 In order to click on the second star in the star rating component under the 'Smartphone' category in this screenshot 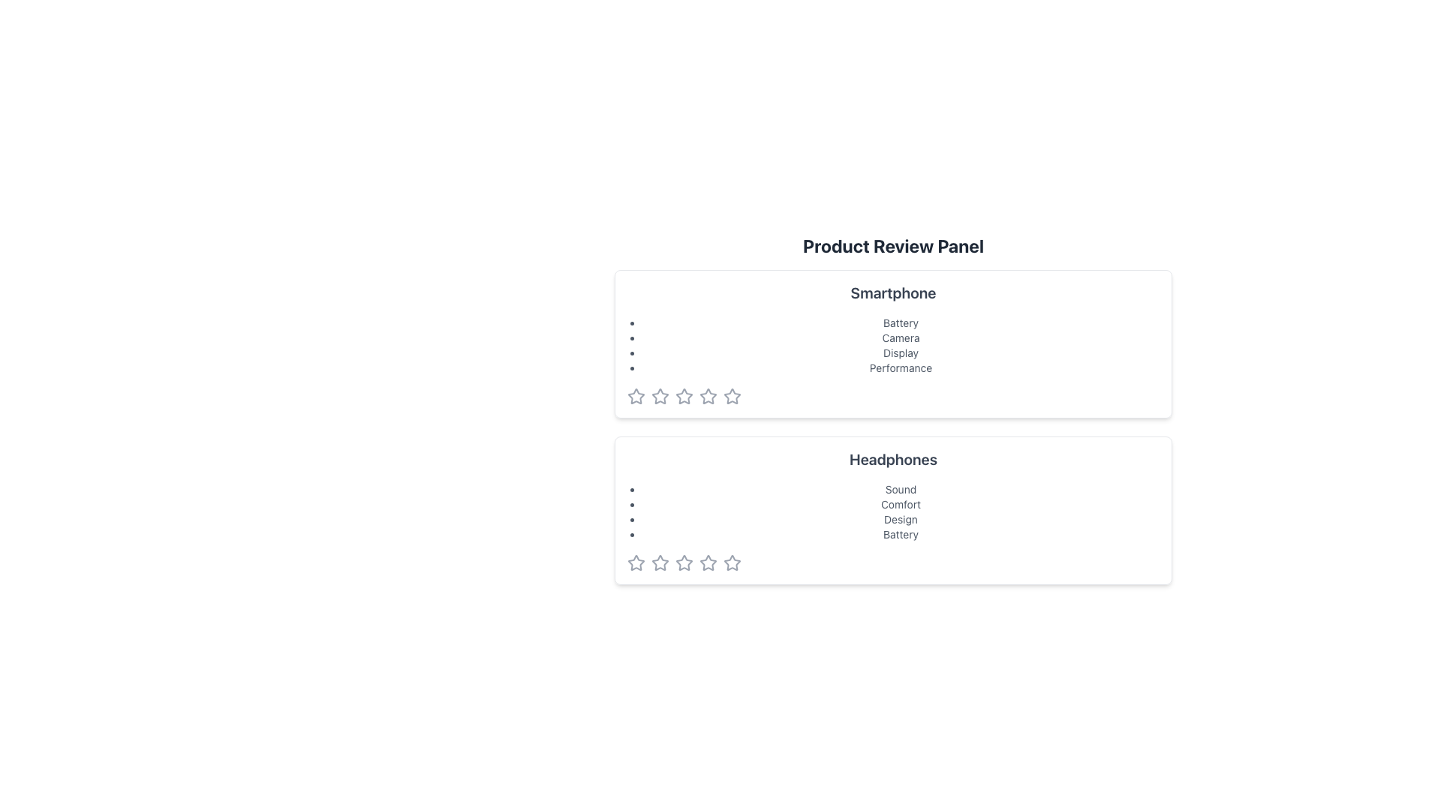, I will do `click(684, 395)`.